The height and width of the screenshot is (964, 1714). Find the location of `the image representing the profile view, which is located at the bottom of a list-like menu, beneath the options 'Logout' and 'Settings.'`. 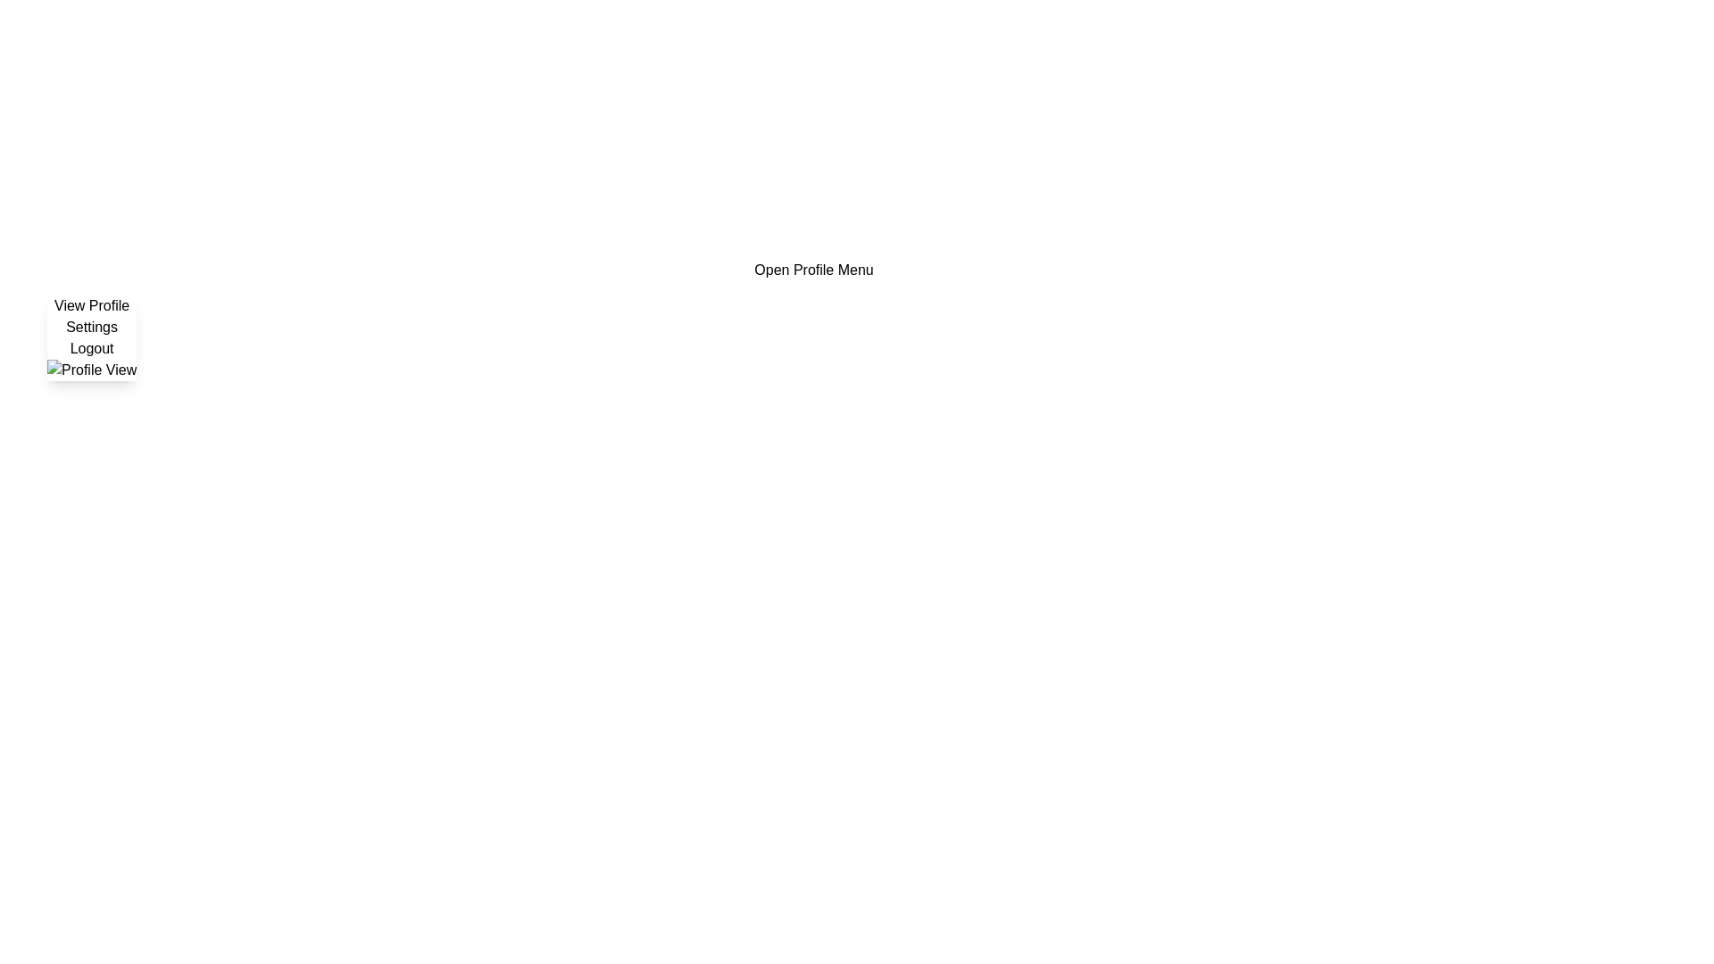

the image representing the profile view, which is located at the bottom of a list-like menu, beneath the options 'Logout' and 'Settings.' is located at coordinates (91, 370).